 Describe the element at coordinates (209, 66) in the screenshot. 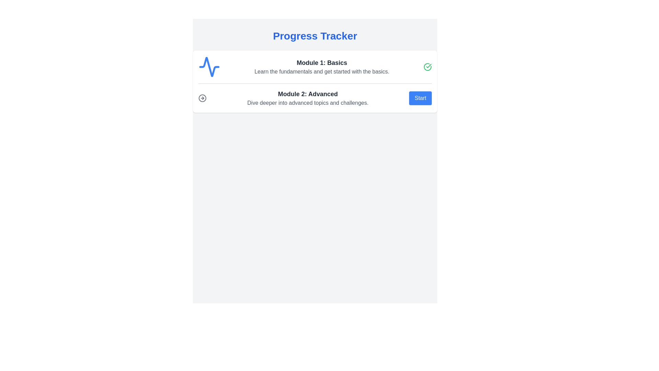

I see `the activity or progress icon for 'Module 1: Basics' located in the first card of the progress tracker interface, positioned slightly left of the corresponding text` at that location.